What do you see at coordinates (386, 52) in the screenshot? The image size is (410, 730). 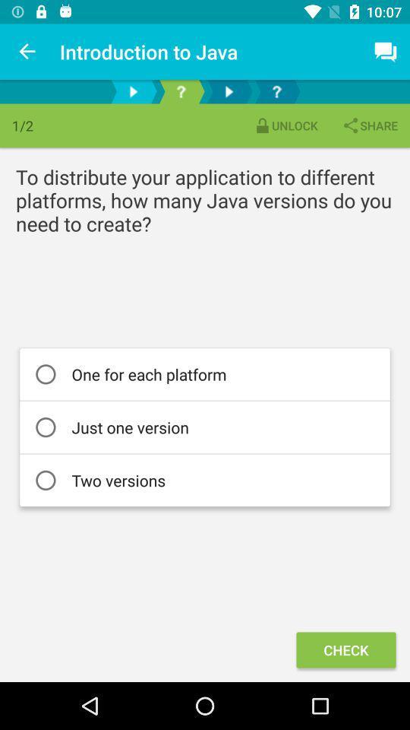 I see `the message icon` at bounding box center [386, 52].